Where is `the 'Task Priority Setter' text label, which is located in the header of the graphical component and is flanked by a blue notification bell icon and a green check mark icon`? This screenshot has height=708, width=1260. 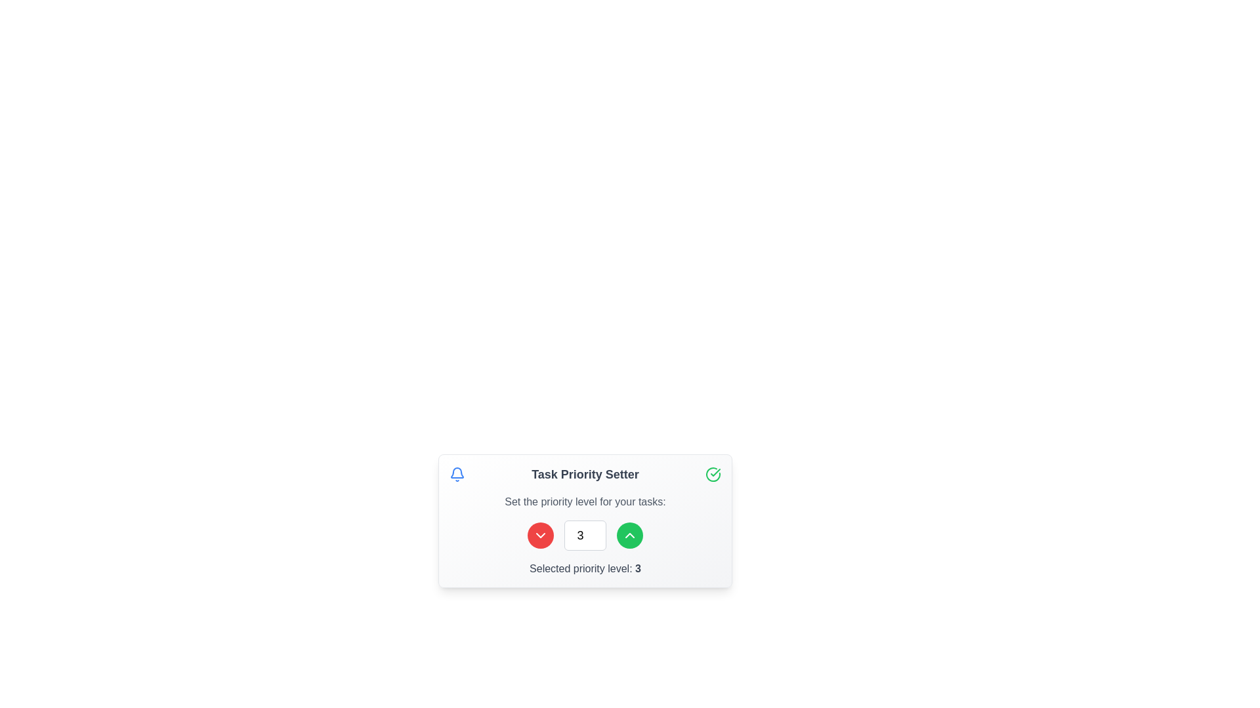
the 'Task Priority Setter' text label, which is located in the header of the graphical component and is flanked by a blue notification bell icon and a green check mark icon is located at coordinates (585, 475).